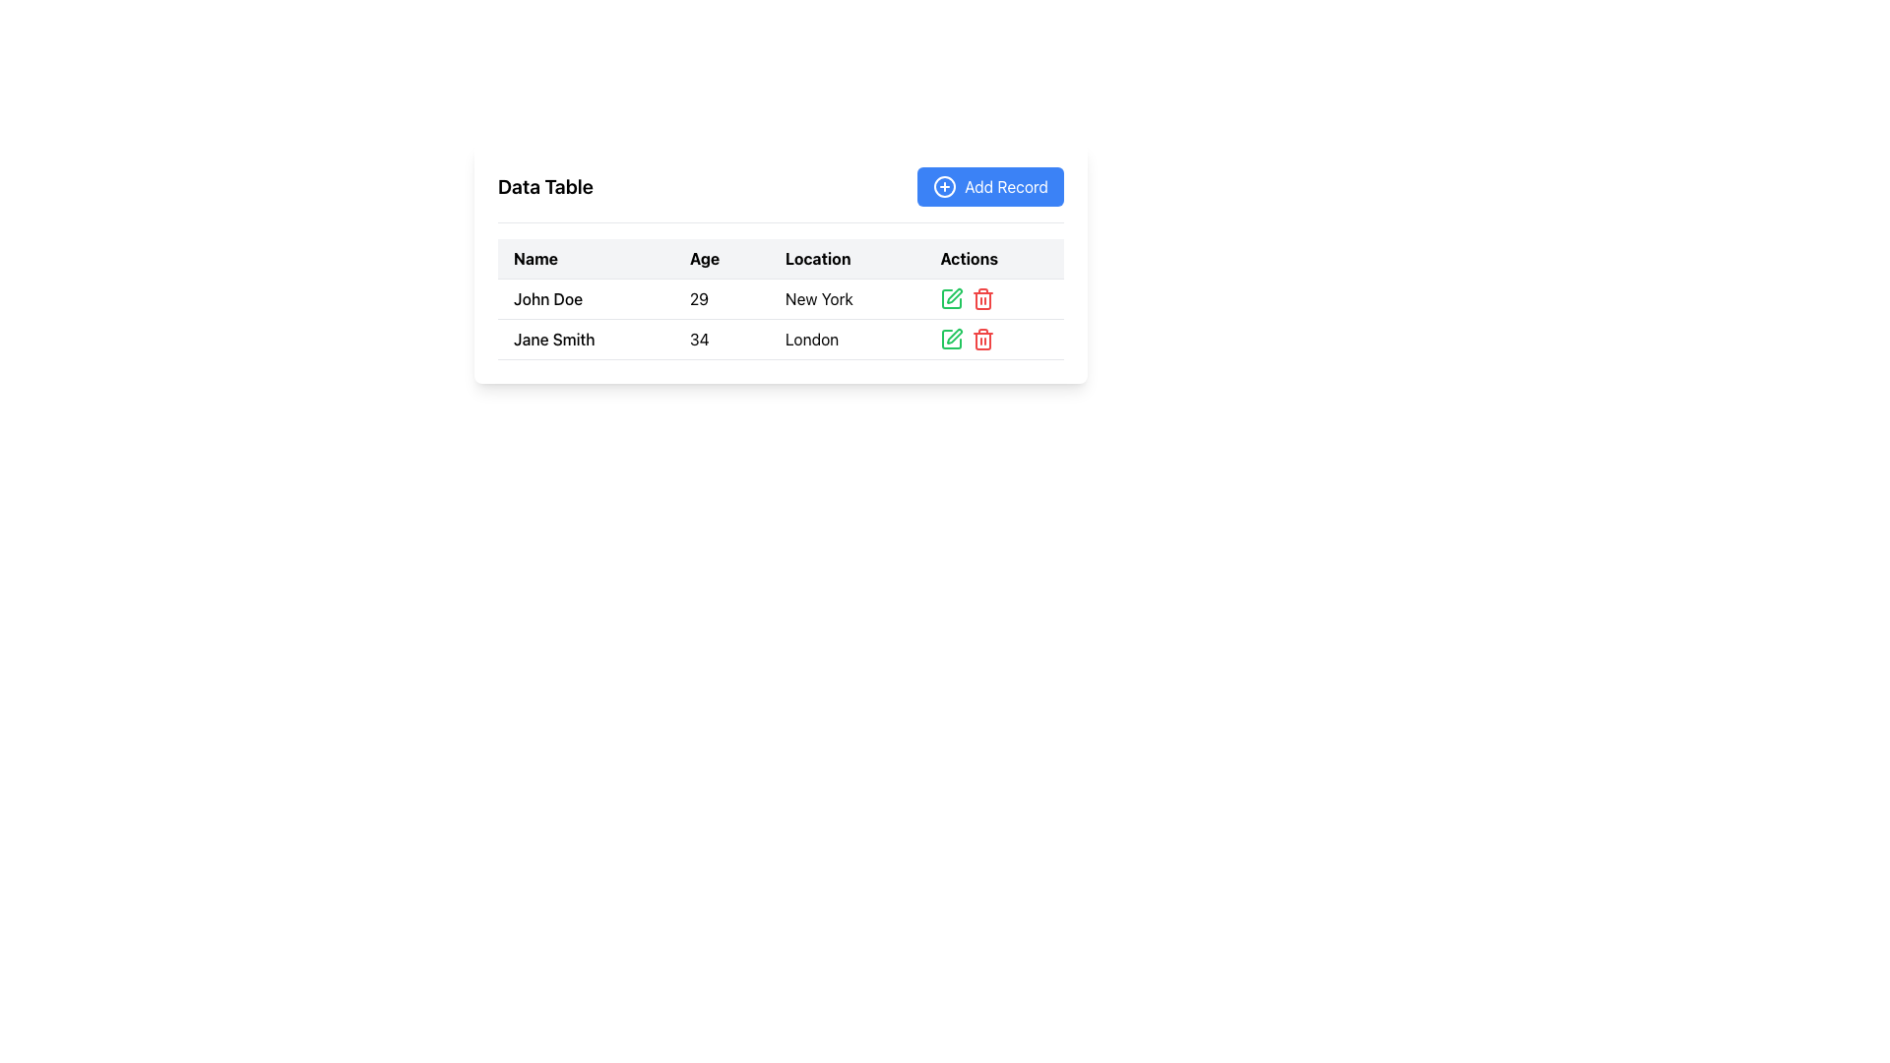 The height and width of the screenshot is (1063, 1890). I want to click on the Decorative Circle Icon located at the top-right of the 'Add Record' button in the data table layout, so click(945, 186).